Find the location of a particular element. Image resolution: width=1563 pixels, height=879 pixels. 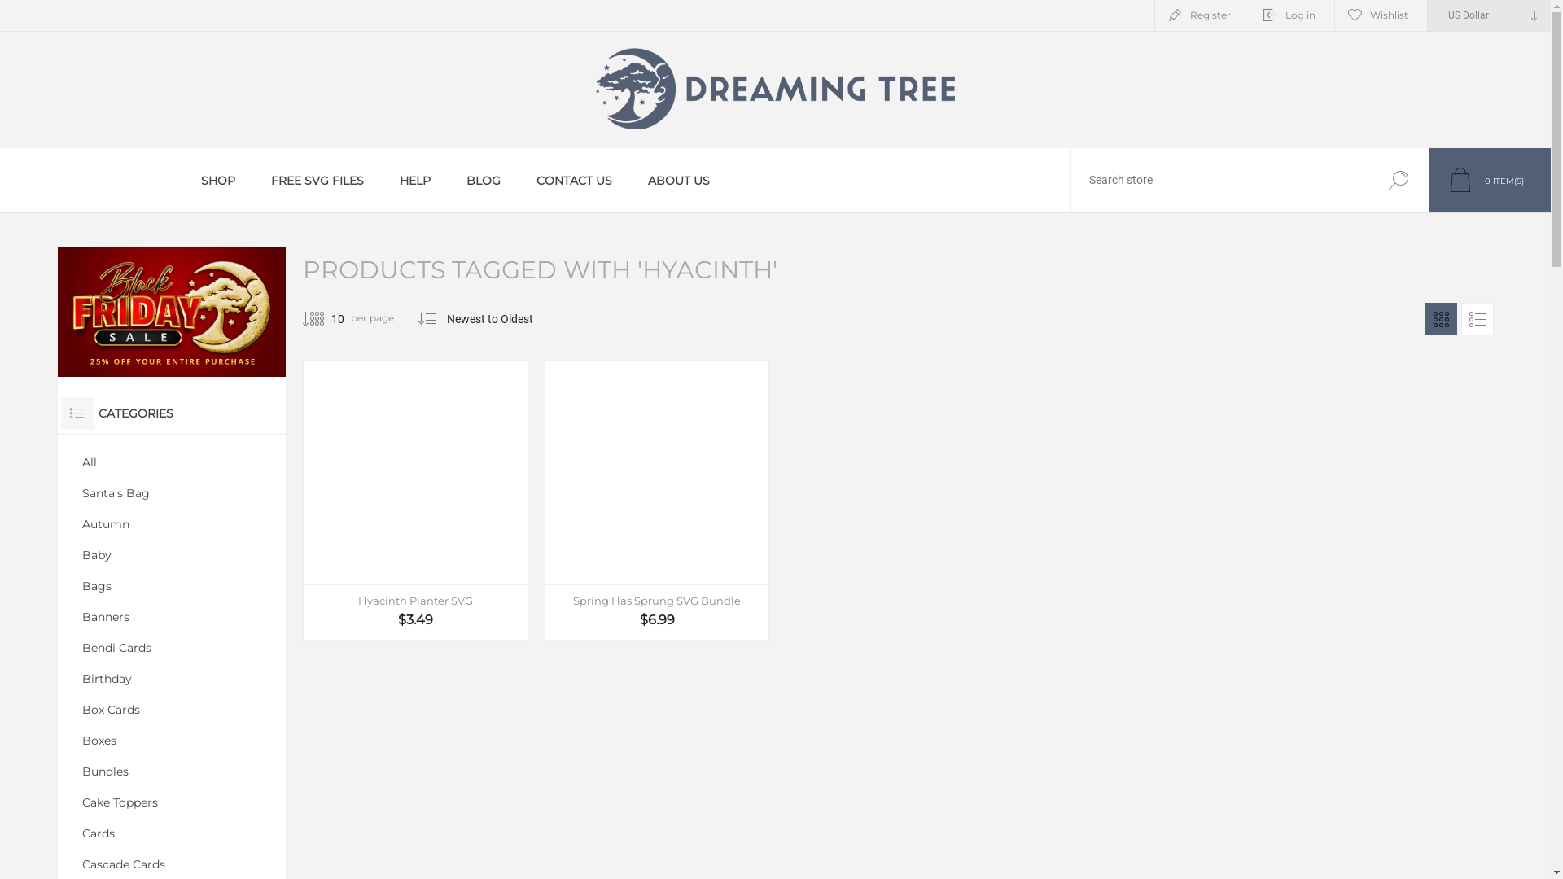

'Boxes' is located at coordinates (172, 741).